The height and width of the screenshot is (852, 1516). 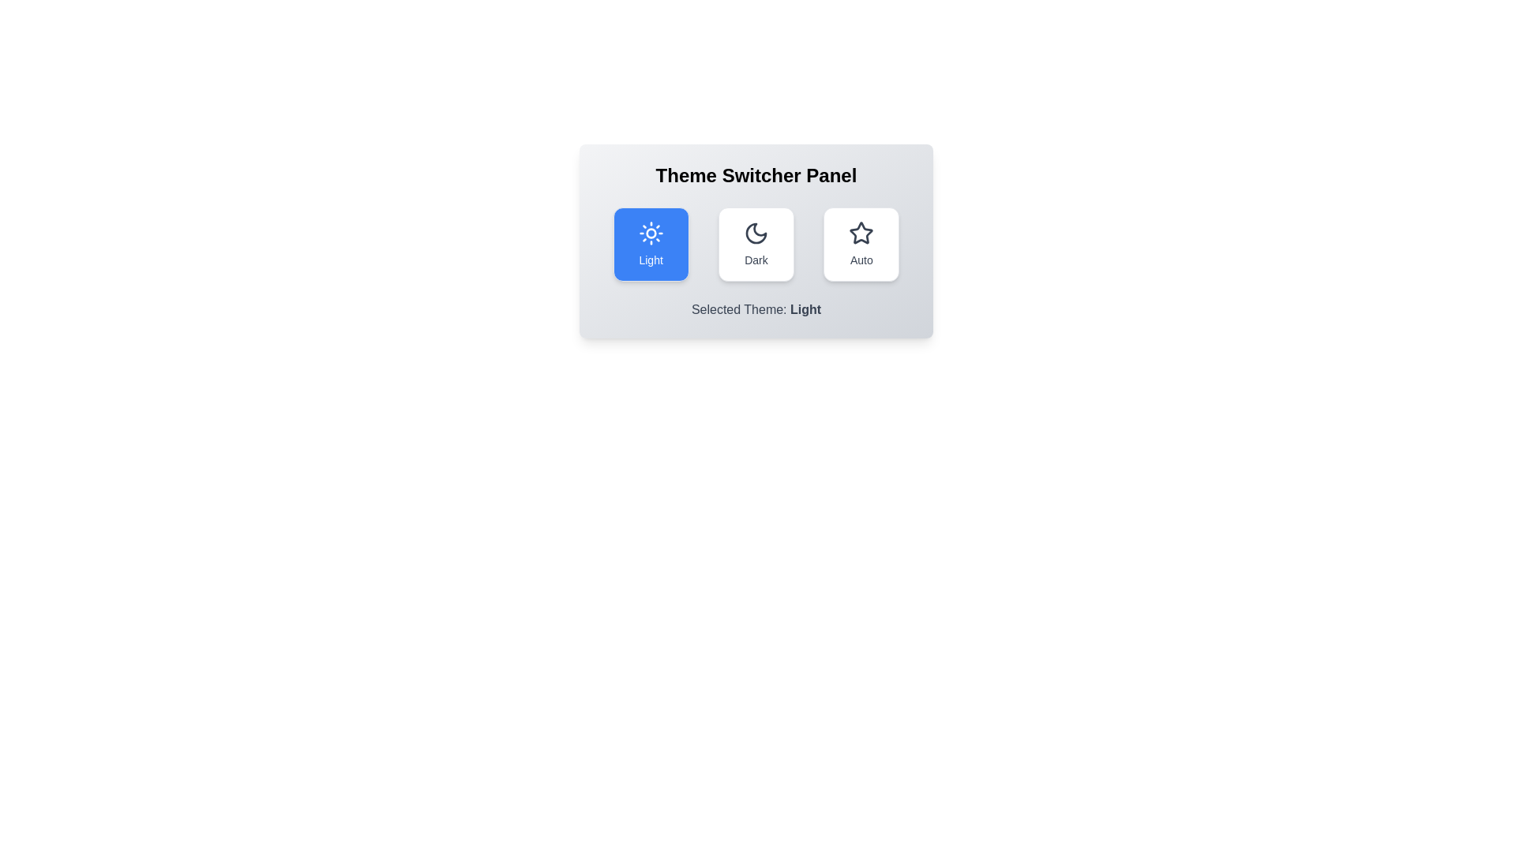 What do you see at coordinates (861, 234) in the screenshot?
I see `the outlined star-shaped icon located at the top-center of the 'Auto' card, which is the last card in a row of theme options` at bounding box center [861, 234].